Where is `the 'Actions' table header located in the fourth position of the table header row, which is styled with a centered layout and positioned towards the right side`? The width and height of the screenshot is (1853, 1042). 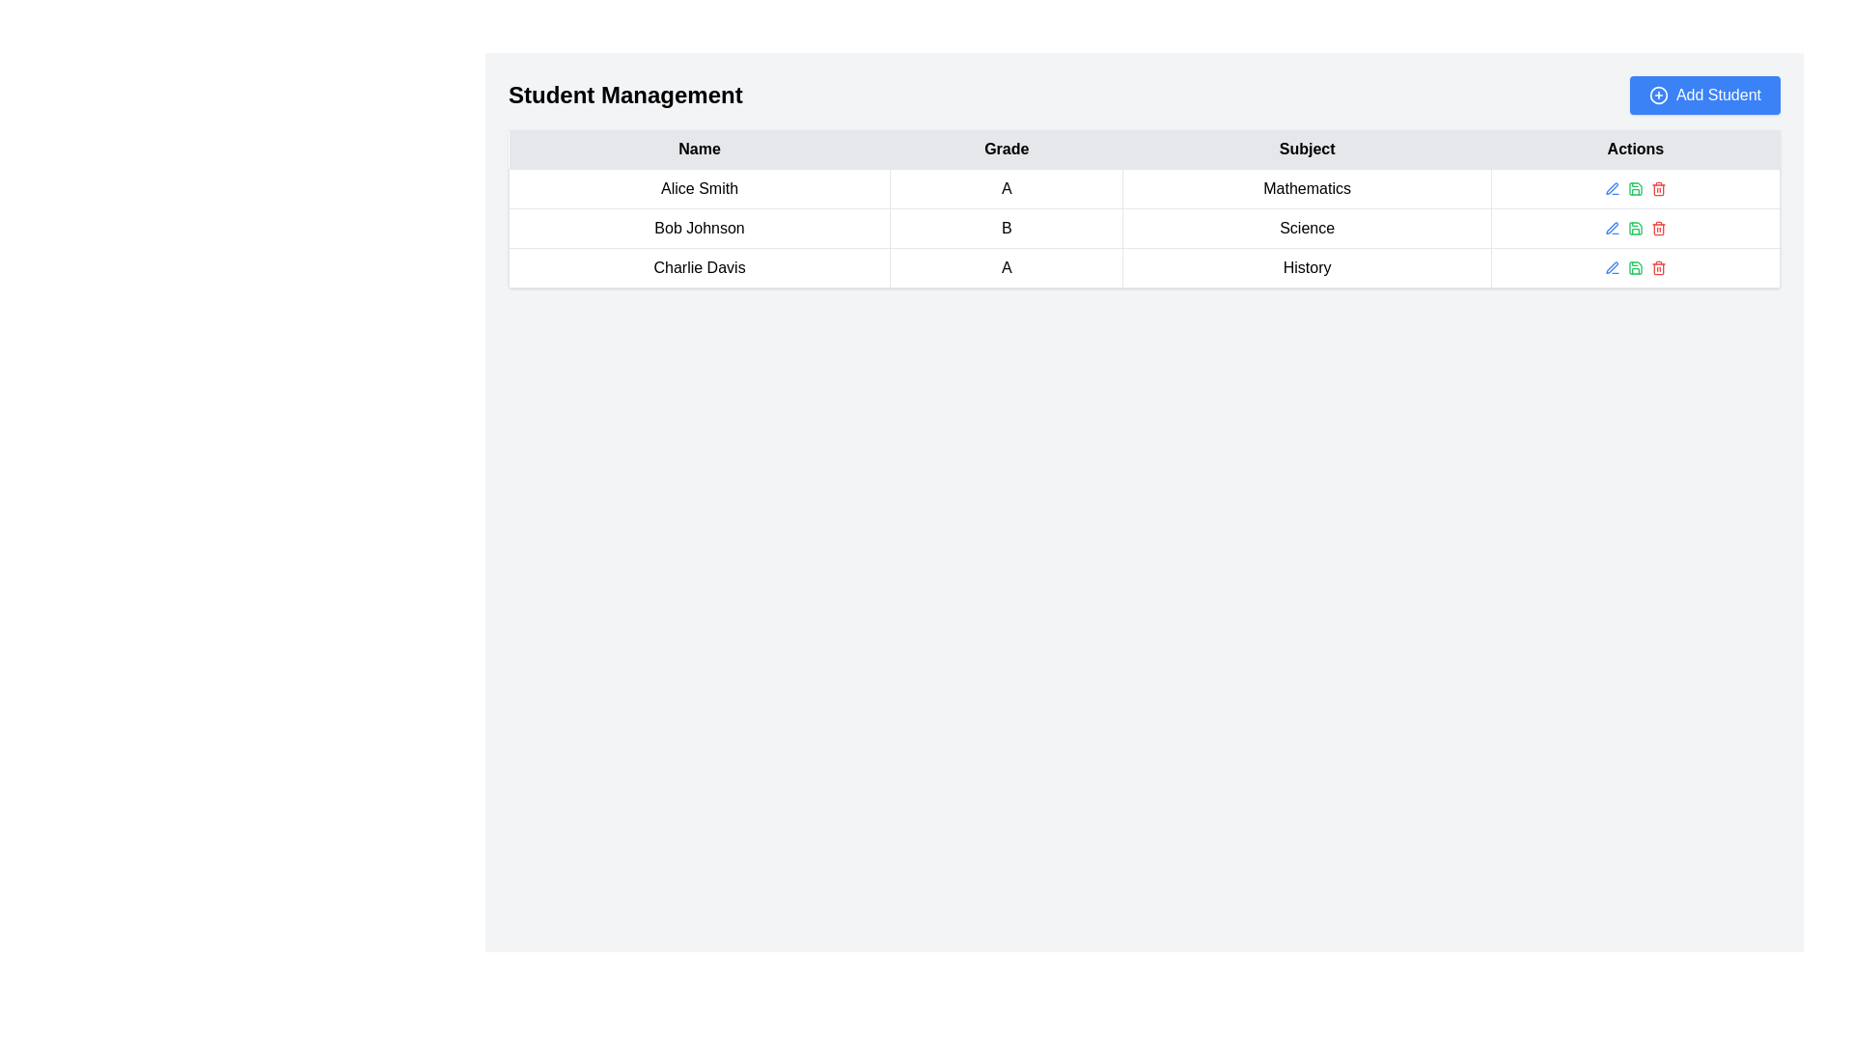
the 'Actions' table header located in the fourth position of the table header row, which is styled with a centered layout and positioned towards the right side is located at coordinates (1634, 149).